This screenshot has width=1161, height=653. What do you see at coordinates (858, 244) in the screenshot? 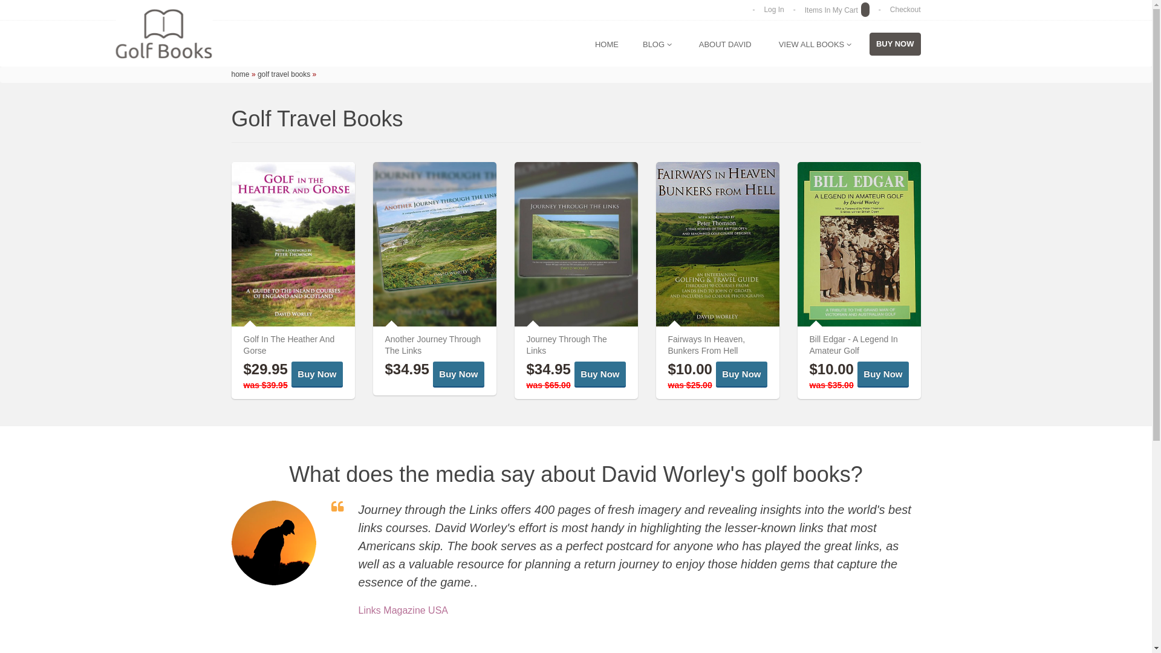
I see `'Code BE01'` at bounding box center [858, 244].